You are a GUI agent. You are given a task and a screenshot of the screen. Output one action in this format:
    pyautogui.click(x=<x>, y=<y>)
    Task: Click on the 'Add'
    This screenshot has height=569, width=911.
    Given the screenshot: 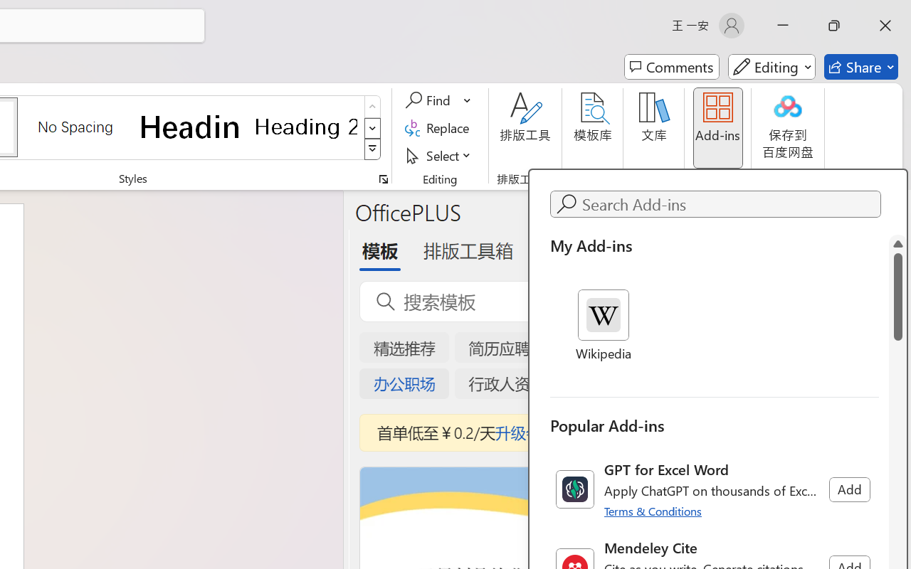 What is the action you would take?
    pyautogui.click(x=849, y=489)
    